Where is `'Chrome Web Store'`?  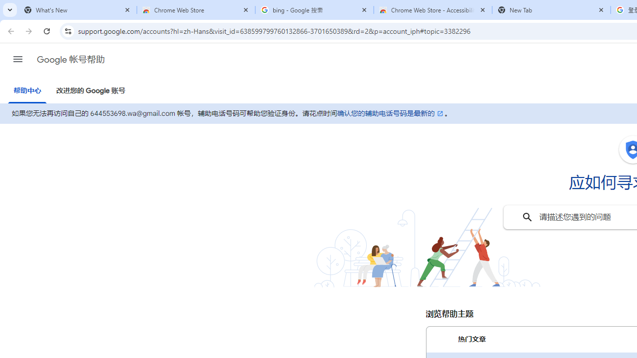
'Chrome Web Store' is located at coordinates (196, 10).